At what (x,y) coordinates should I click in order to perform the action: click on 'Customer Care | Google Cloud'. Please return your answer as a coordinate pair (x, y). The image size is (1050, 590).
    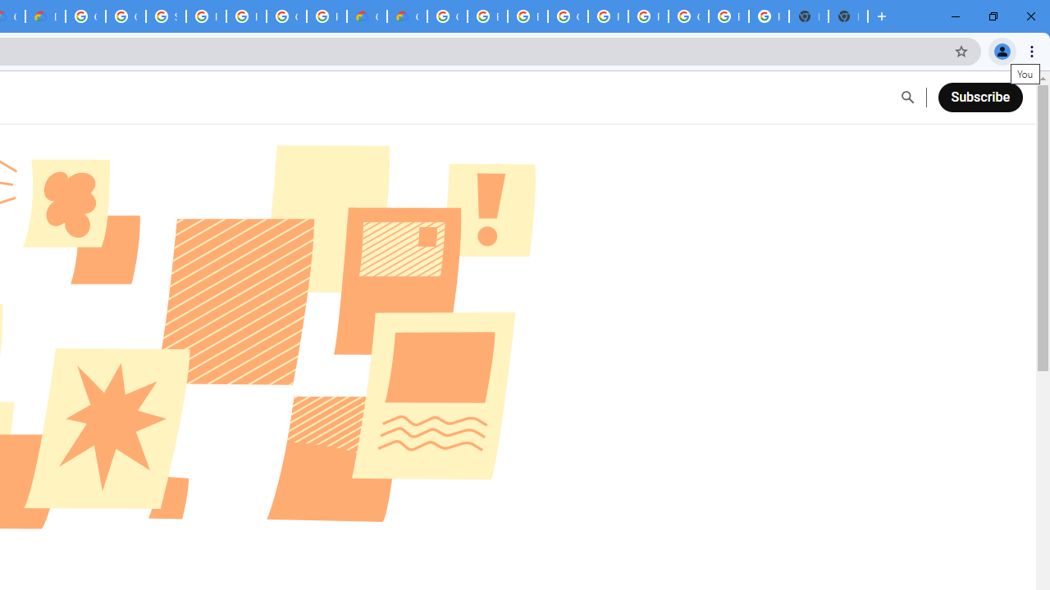
    Looking at the image, I should click on (366, 16).